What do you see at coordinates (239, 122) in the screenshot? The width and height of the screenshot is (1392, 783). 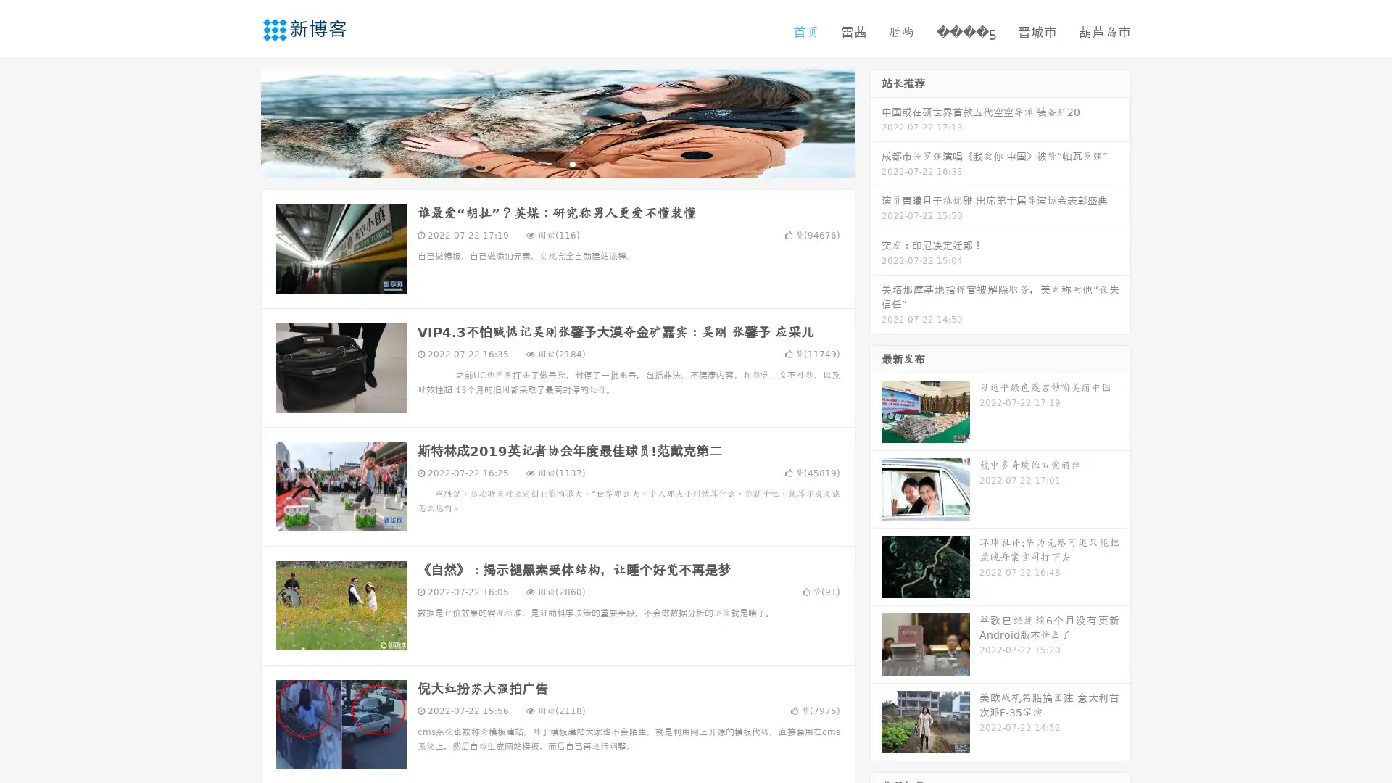 I see `Previous slide` at bounding box center [239, 122].